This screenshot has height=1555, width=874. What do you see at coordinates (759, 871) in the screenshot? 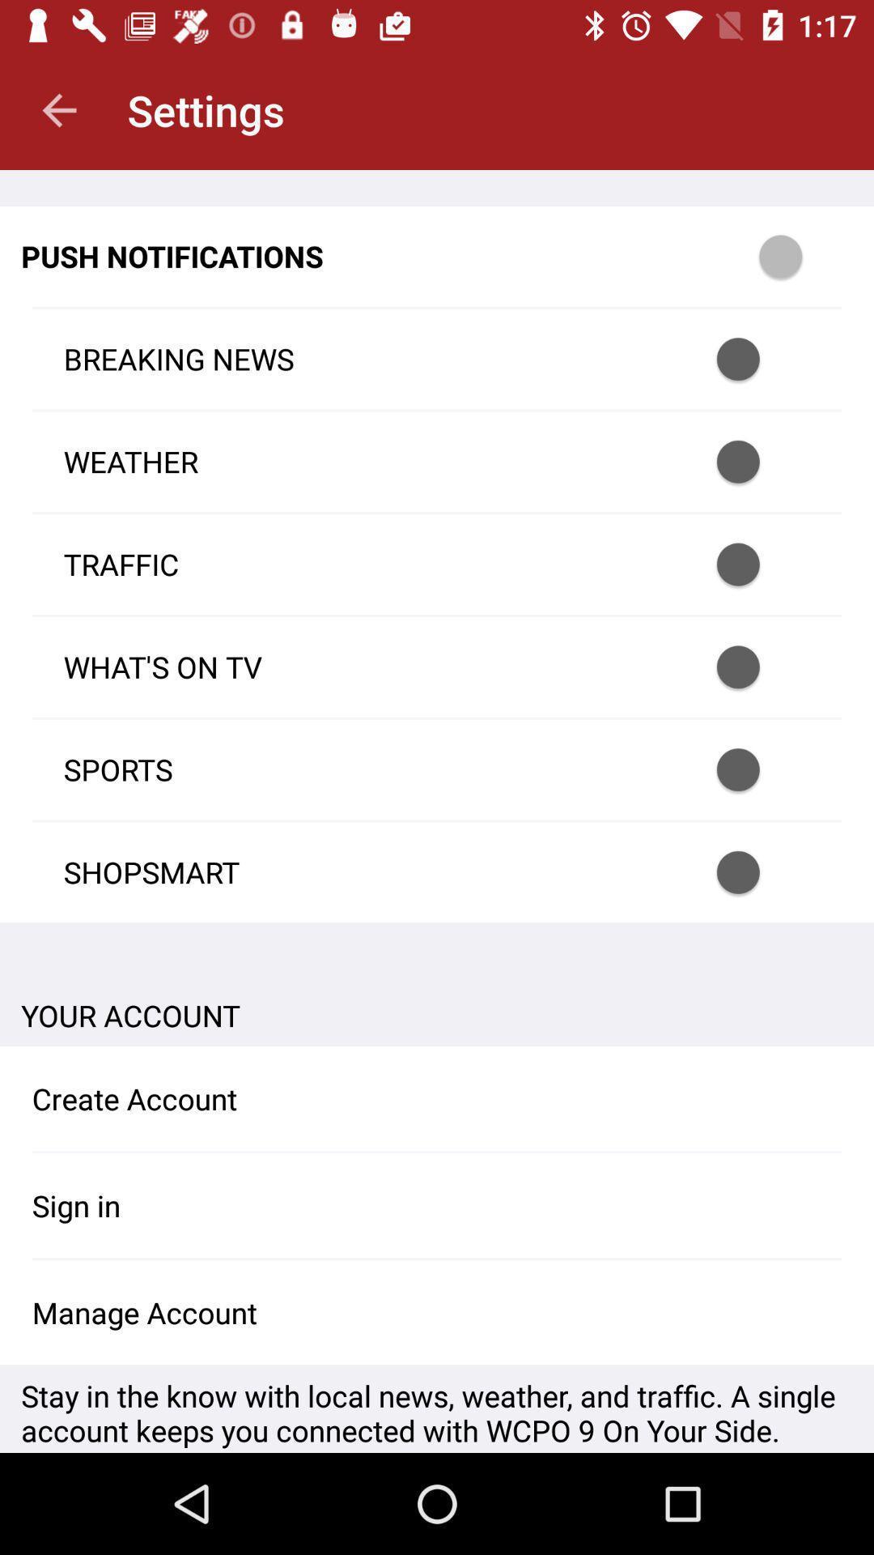
I see `shopsmart notifications` at bounding box center [759, 871].